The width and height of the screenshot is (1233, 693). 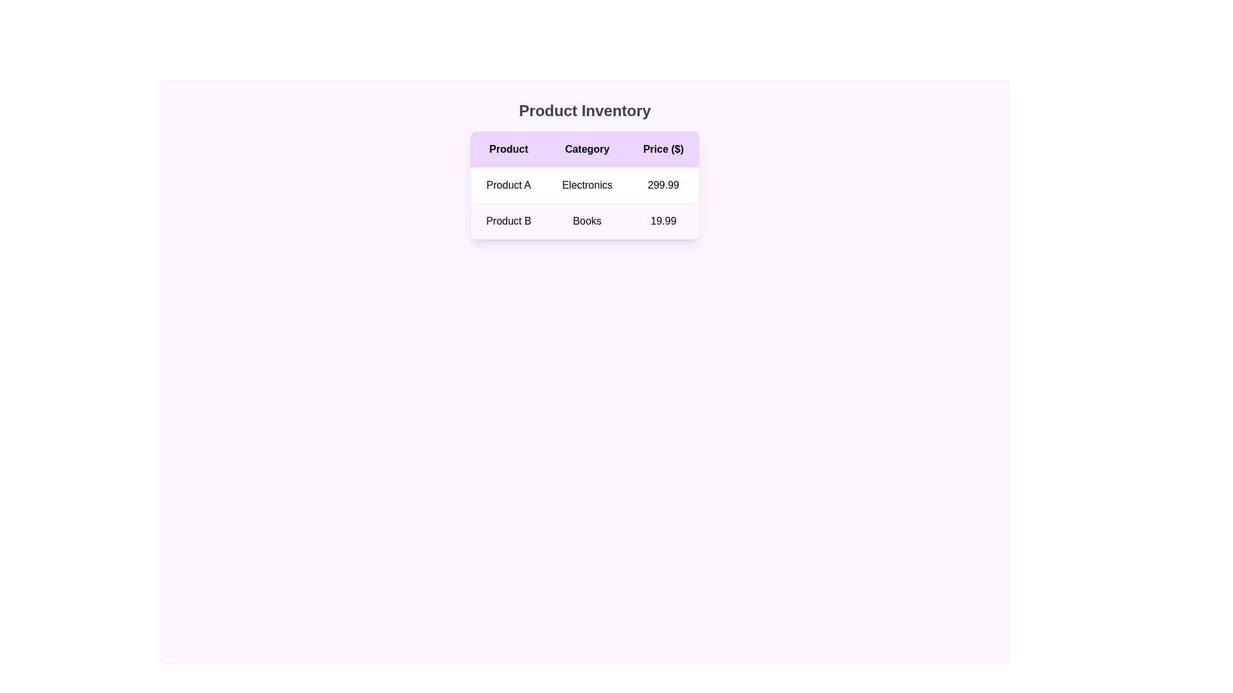 I want to click on the text element displaying the price '299.99' in the 'Price ($)' column for 'Product A' in the product details table, so click(x=663, y=185).